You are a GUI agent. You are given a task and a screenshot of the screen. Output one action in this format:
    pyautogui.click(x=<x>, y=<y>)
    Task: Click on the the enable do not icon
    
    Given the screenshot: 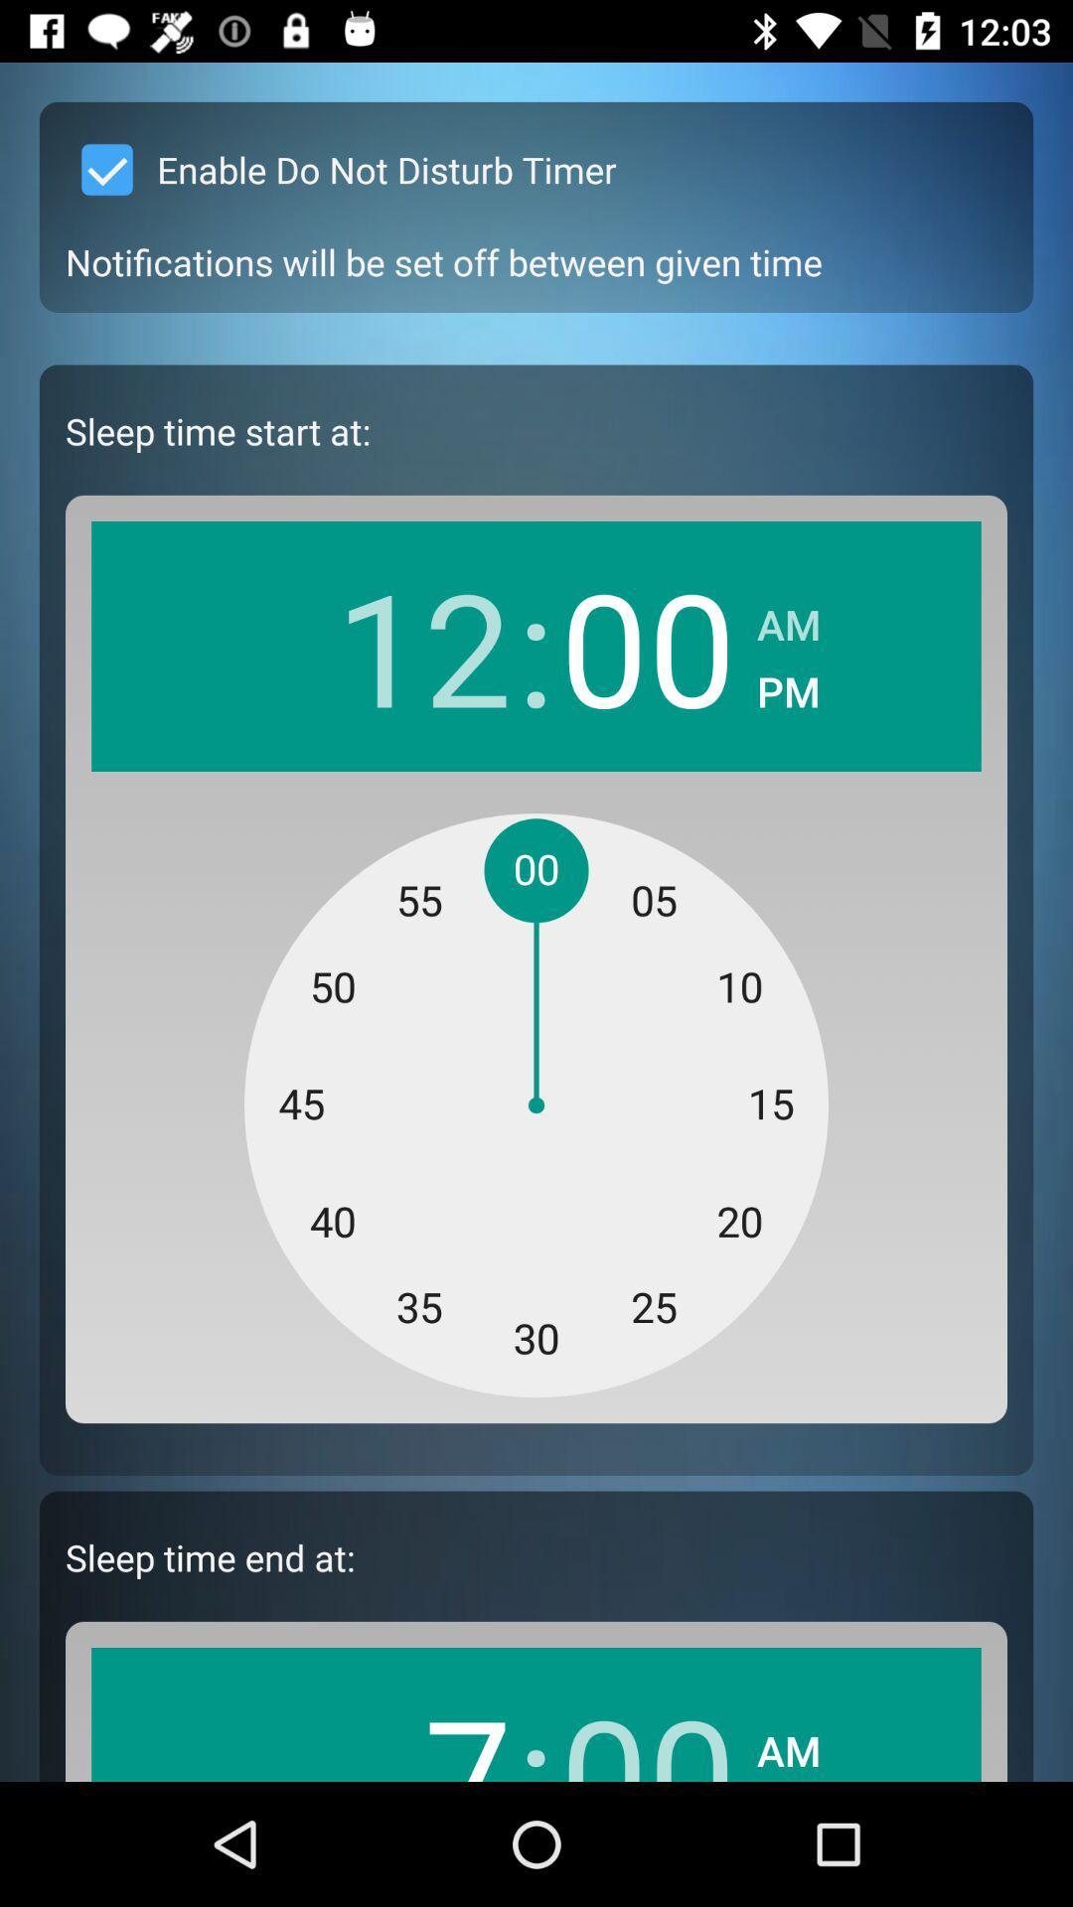 What is the action you would take?
    pyautogui.click(x=340, y=170)
    